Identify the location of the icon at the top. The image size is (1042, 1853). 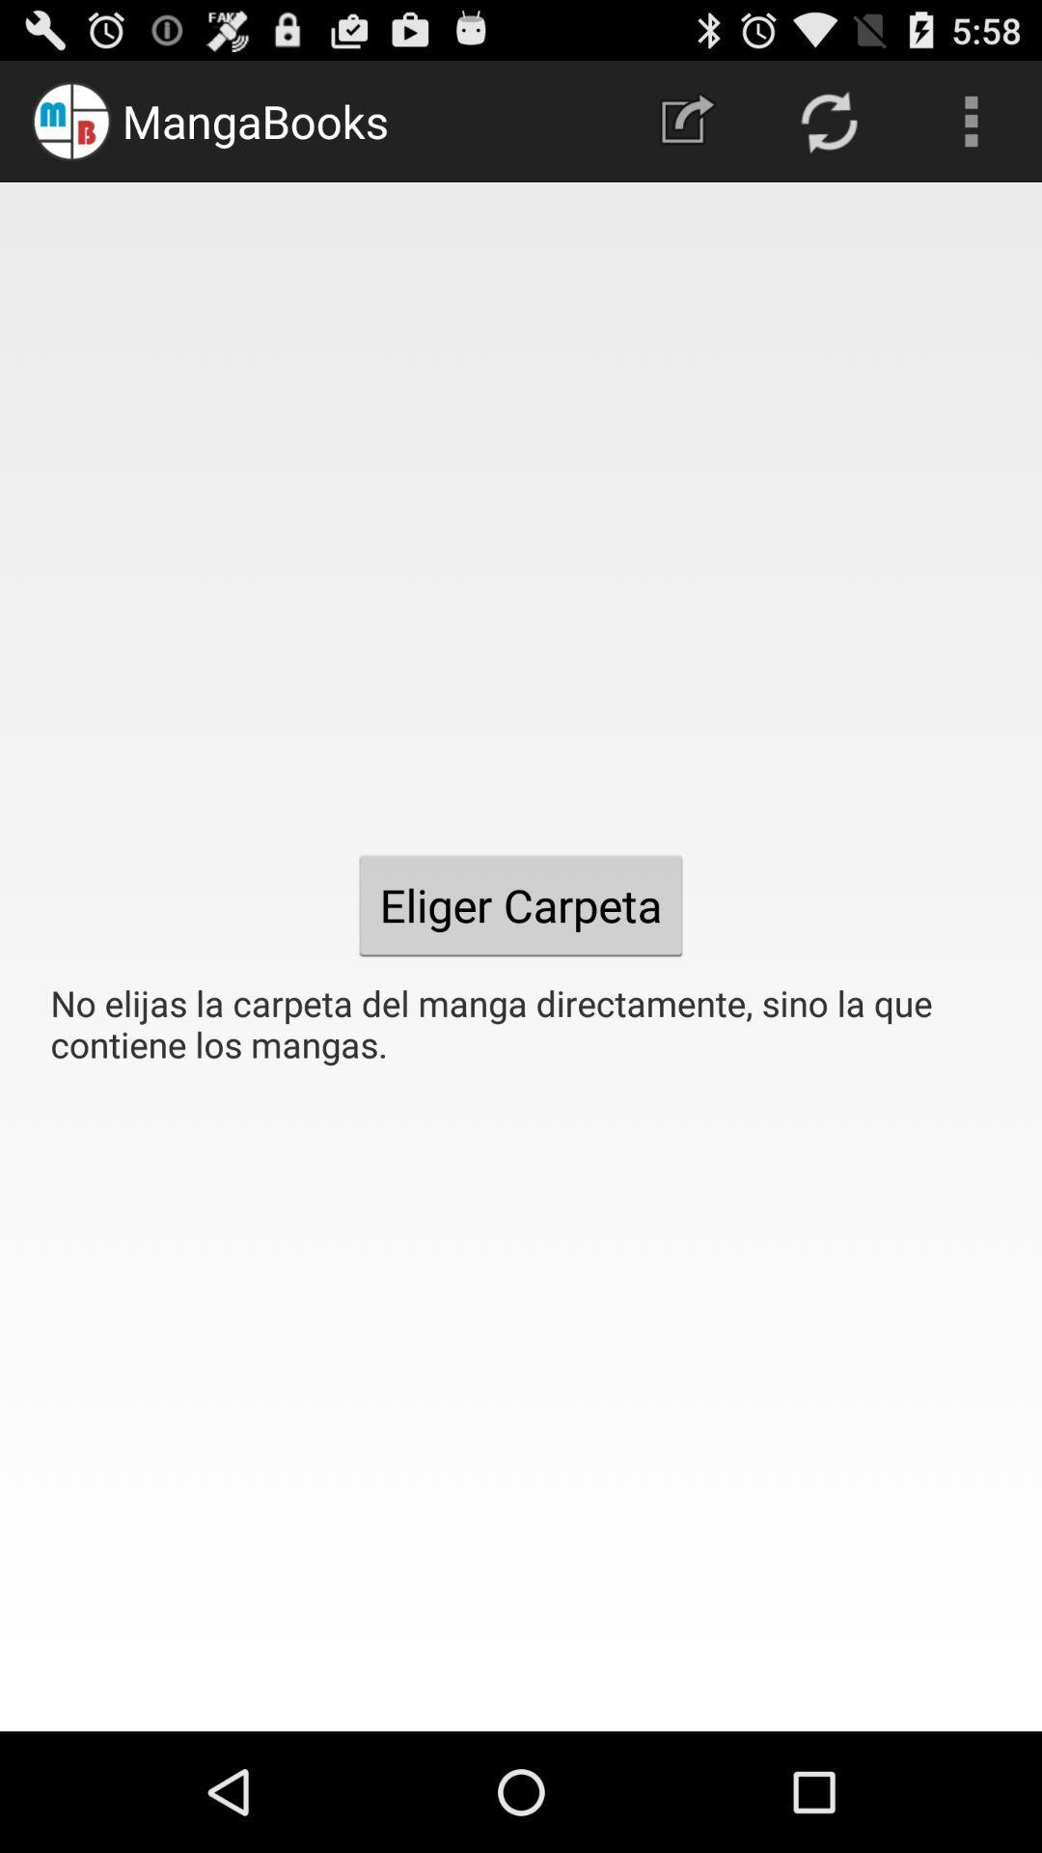
(686, 120).